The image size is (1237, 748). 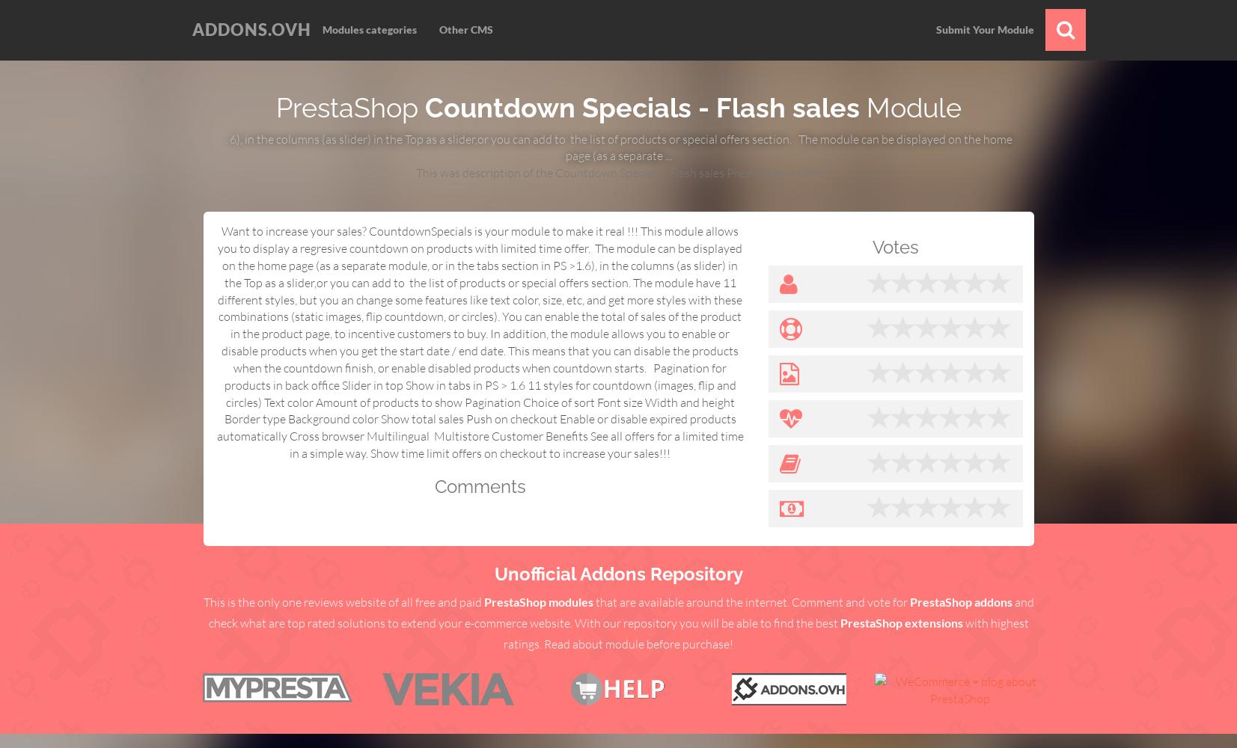 What do you see at coordinates (342, 601) in the screenshot?
I see `'This is the only one reviews website of all free and paid'` at bounding box center [342, 601].